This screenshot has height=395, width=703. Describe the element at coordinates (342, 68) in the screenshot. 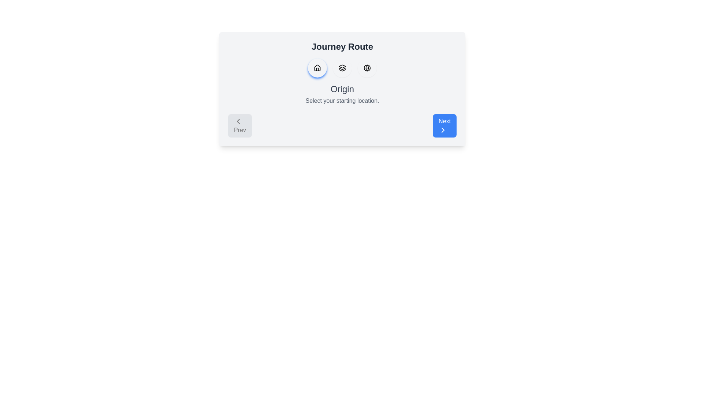

I see `the icon in the horizontal menu of the 'Journey Route' card` at that location.